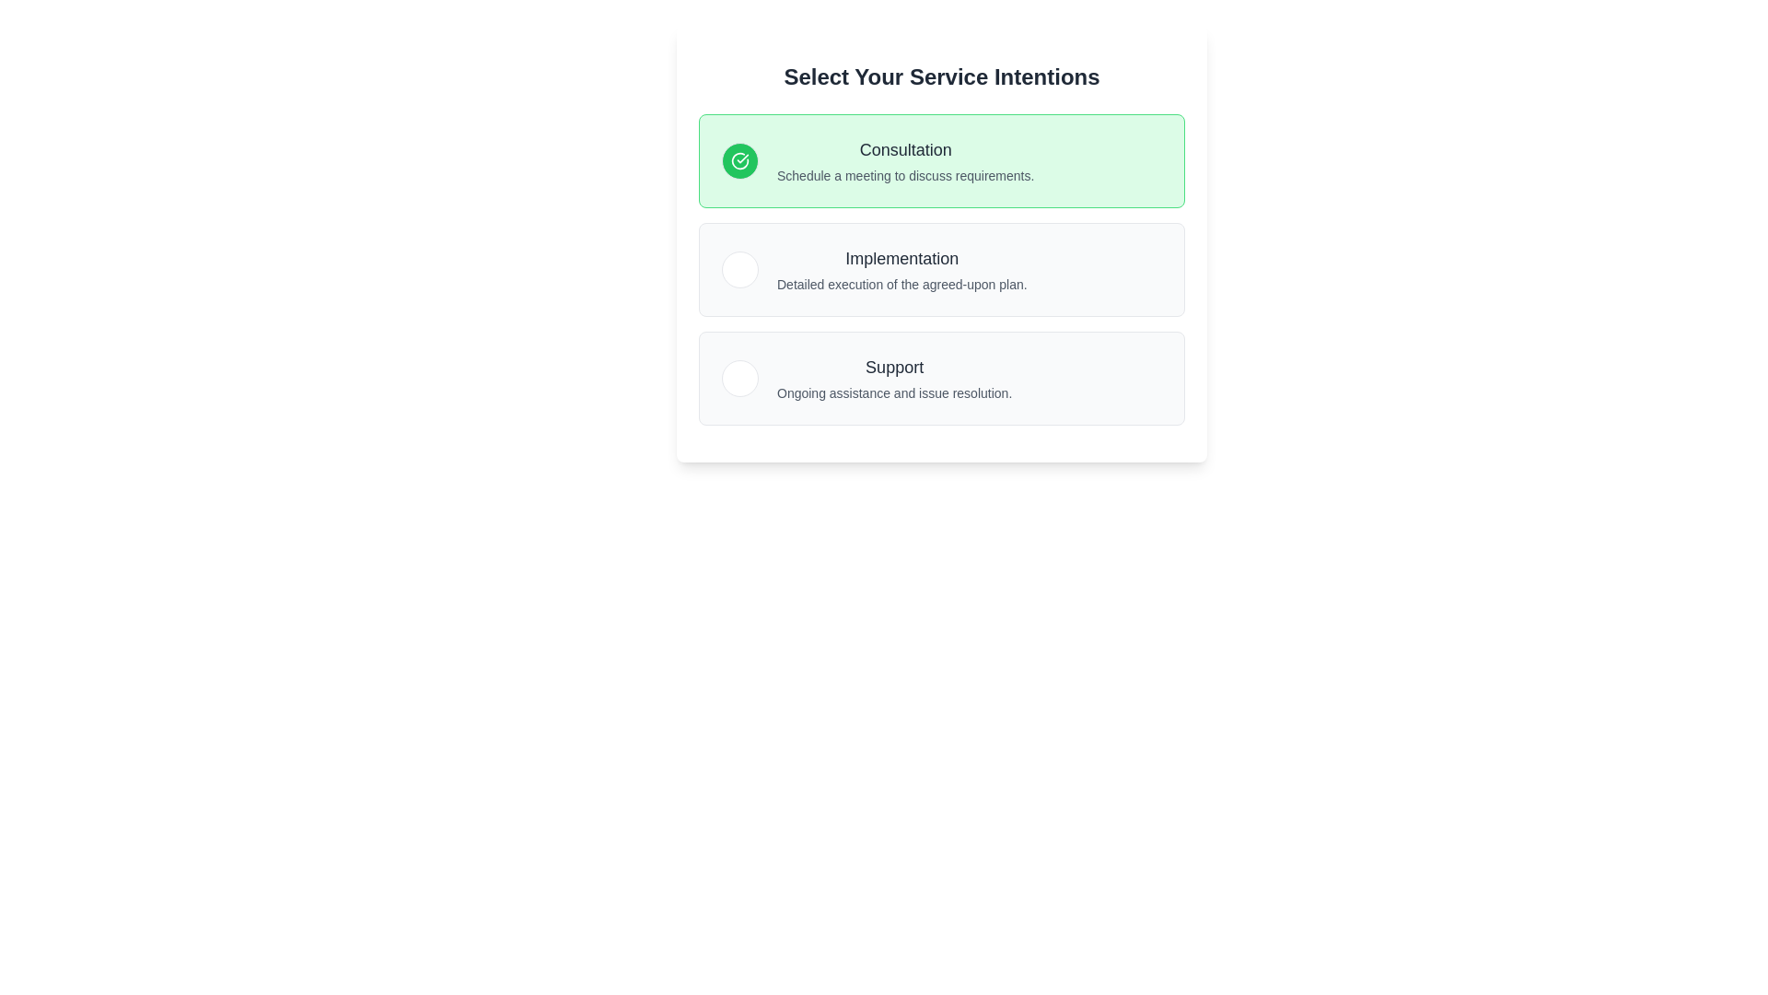 The height and width of the screenshot is (995, 1768). What do you see at coordinates (894, 367) in the screenshot?
I see `the 'Support' text label, which is a bold, medium-sized grayish-black font title in the third section of the service intentions list` at bounding box center [894, 367].